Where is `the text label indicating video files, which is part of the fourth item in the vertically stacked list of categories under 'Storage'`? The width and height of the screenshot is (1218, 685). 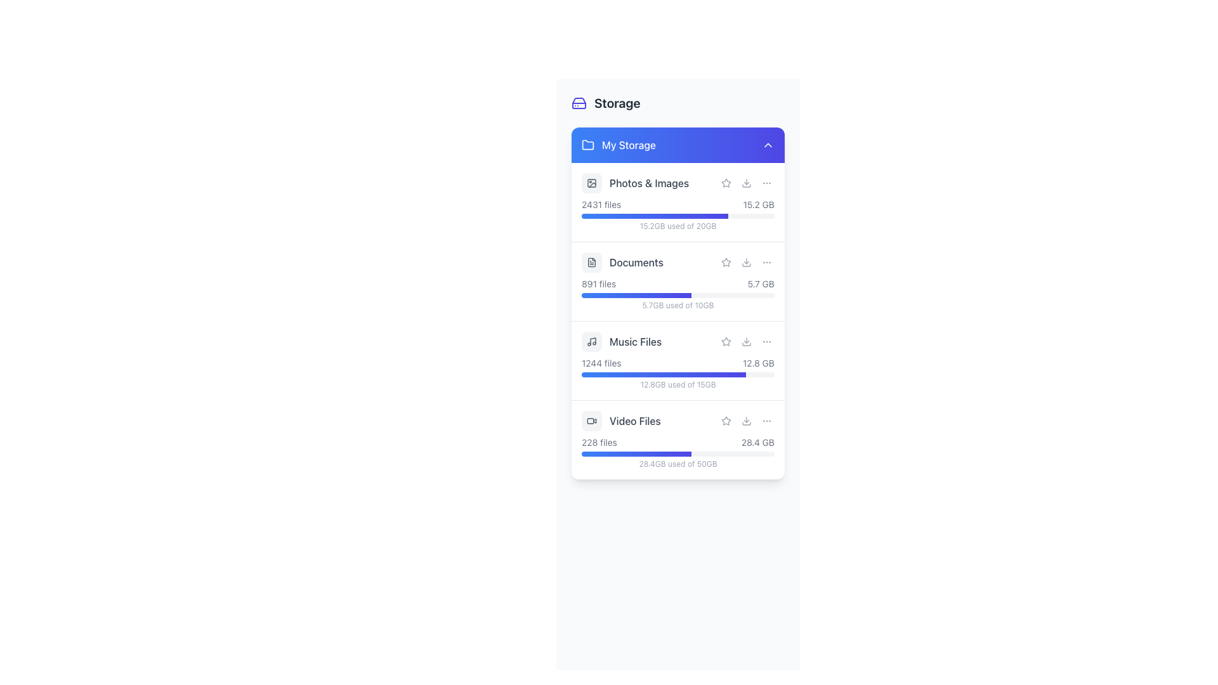 the text label indicating video files, which is part of the fourth item in the vertically stacked list of categories under 'Storage' is located at coordinates (635, 421).